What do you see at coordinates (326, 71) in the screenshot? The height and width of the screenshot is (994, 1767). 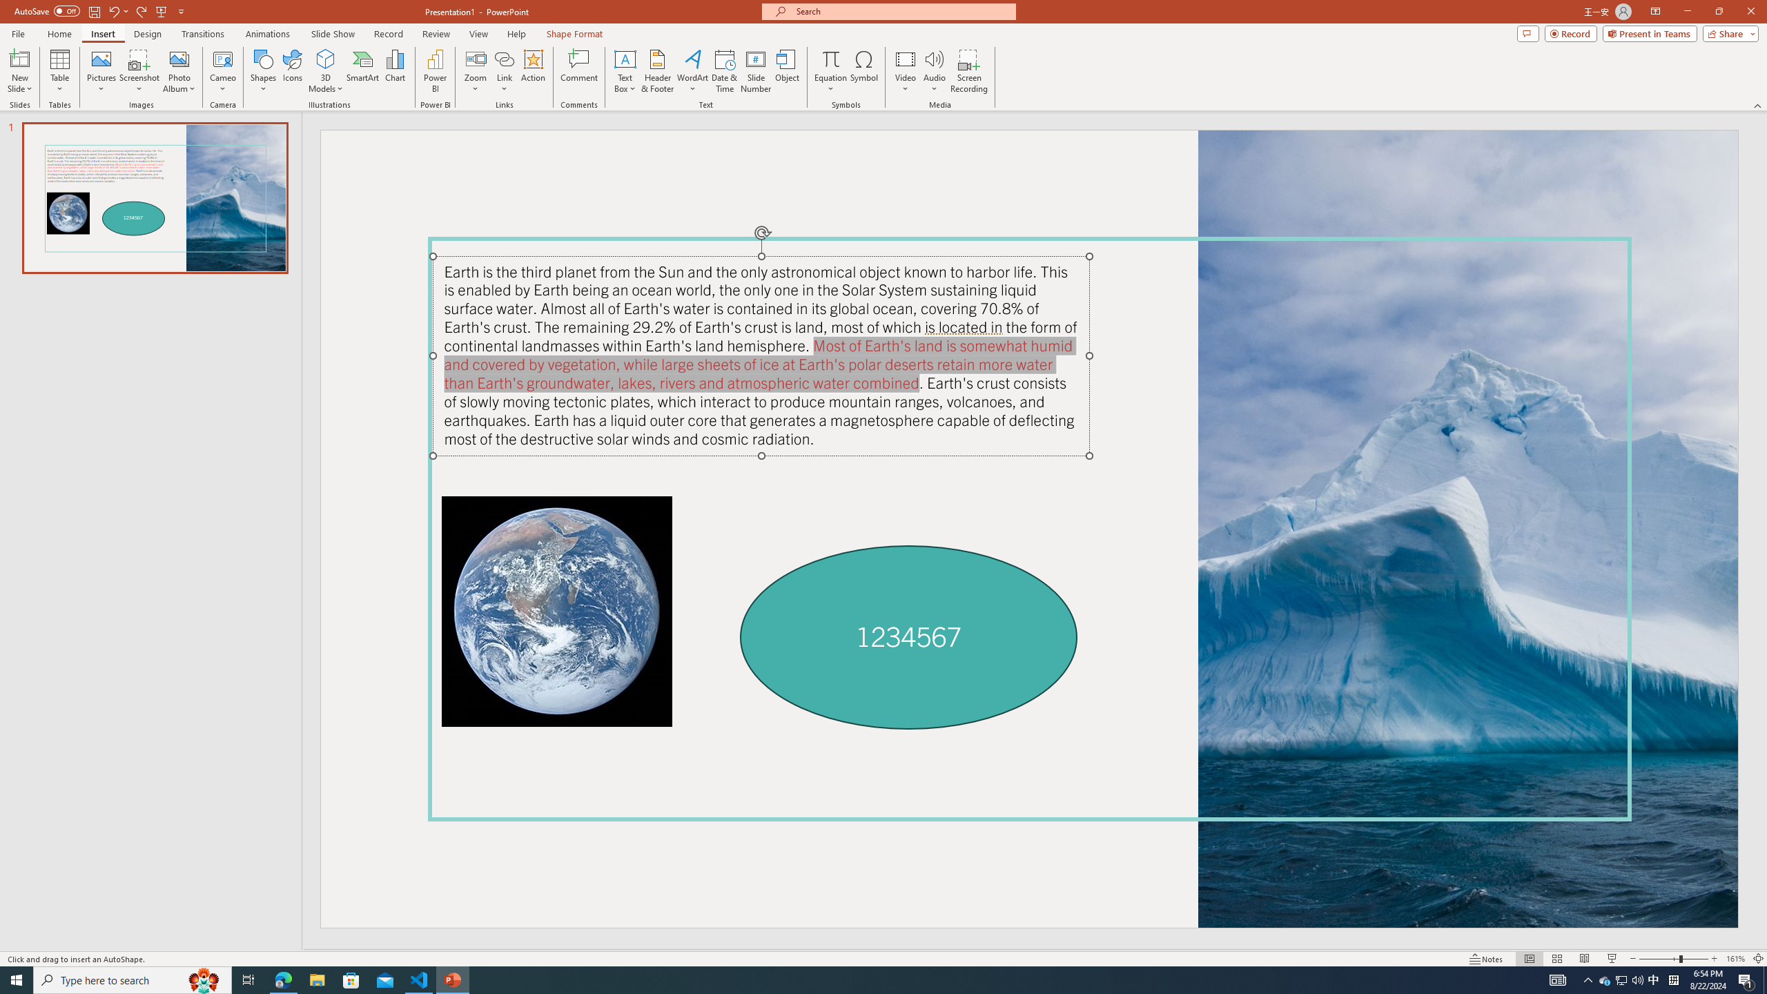 I see `'3D Models'` at bounding box center [326, 71].